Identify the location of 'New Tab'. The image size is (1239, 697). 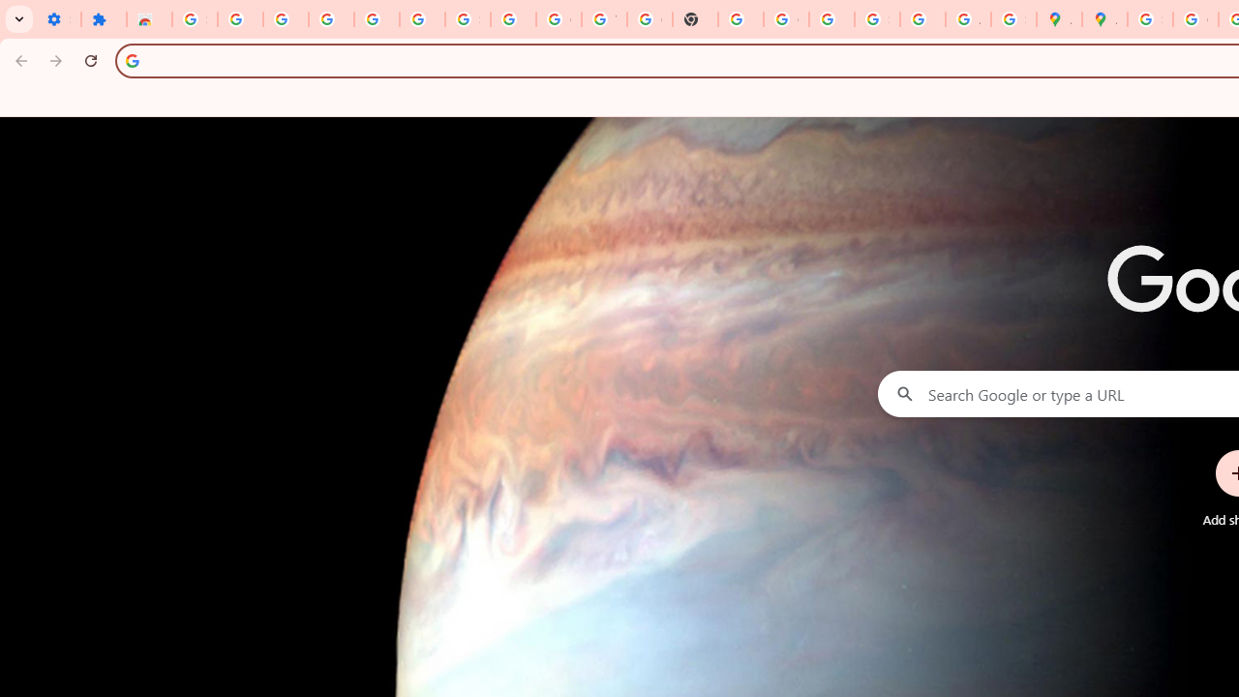
(695, 19).